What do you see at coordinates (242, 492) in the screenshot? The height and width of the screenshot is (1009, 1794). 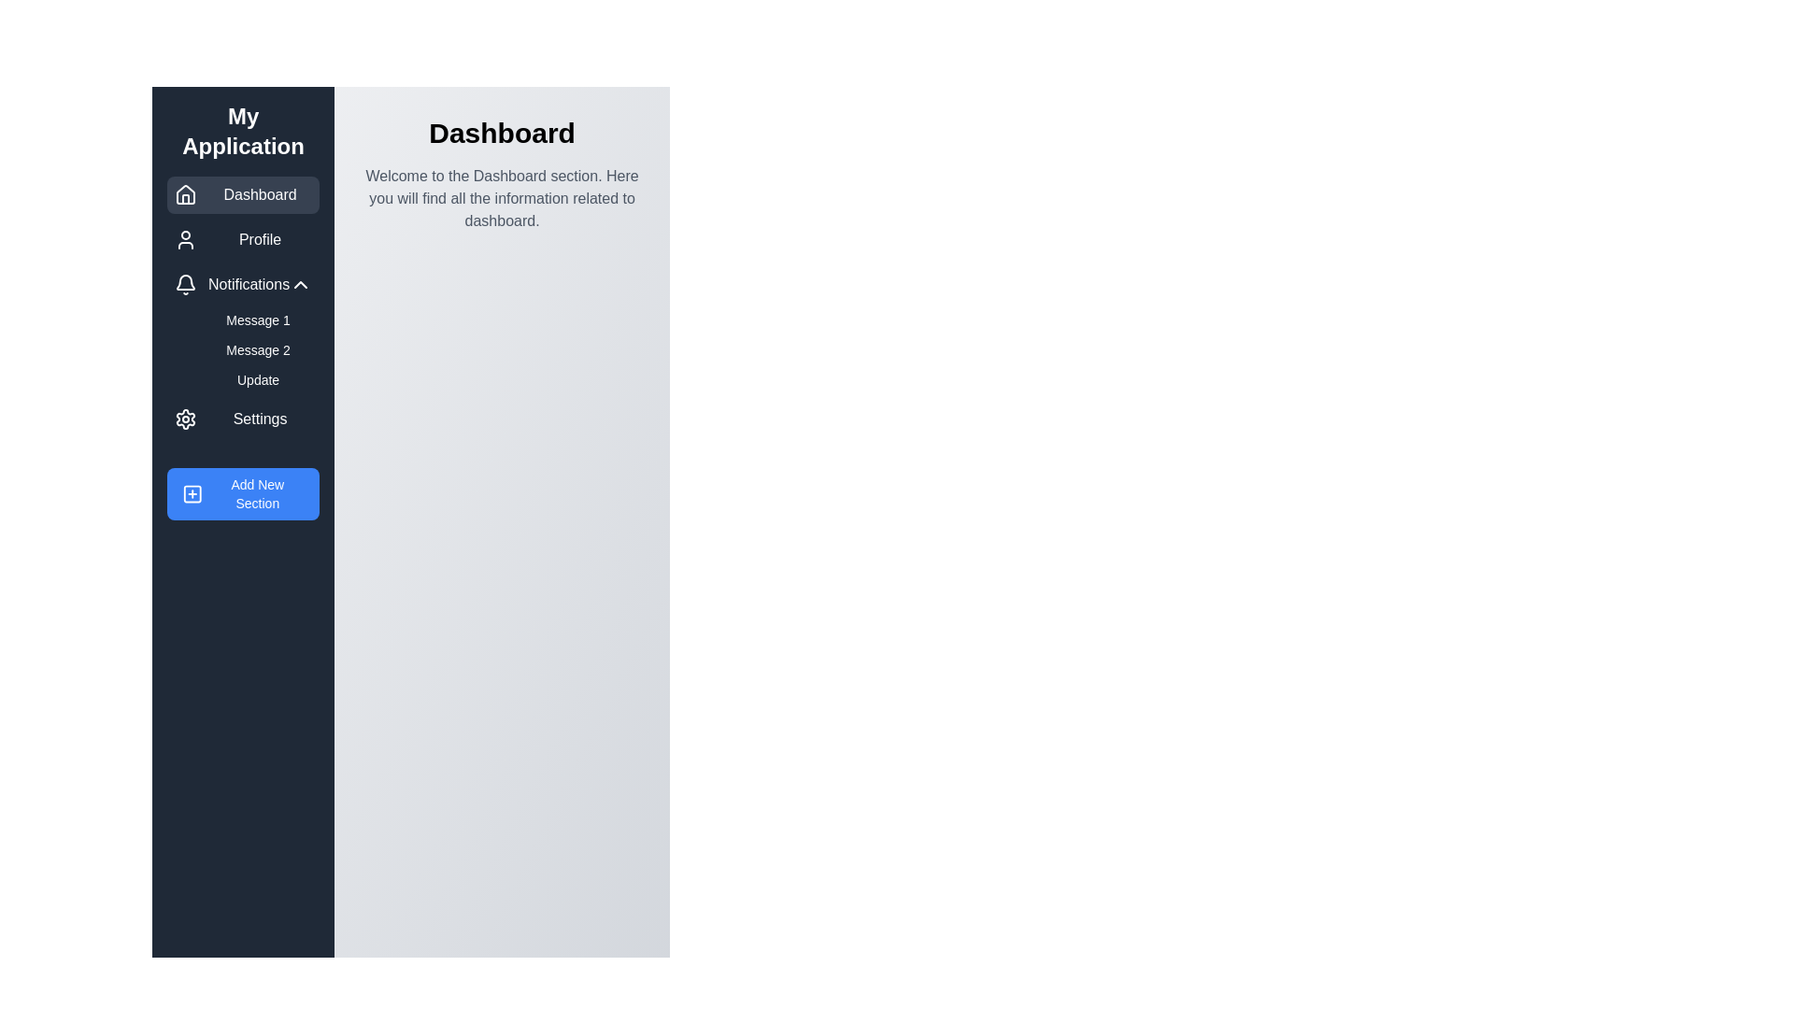 I see `the rectangular blue button with rounded corners that has a white plus icon and the text 'Add New Section', located in the sidebar below 'Settings'` at bounding box center [242, 492].